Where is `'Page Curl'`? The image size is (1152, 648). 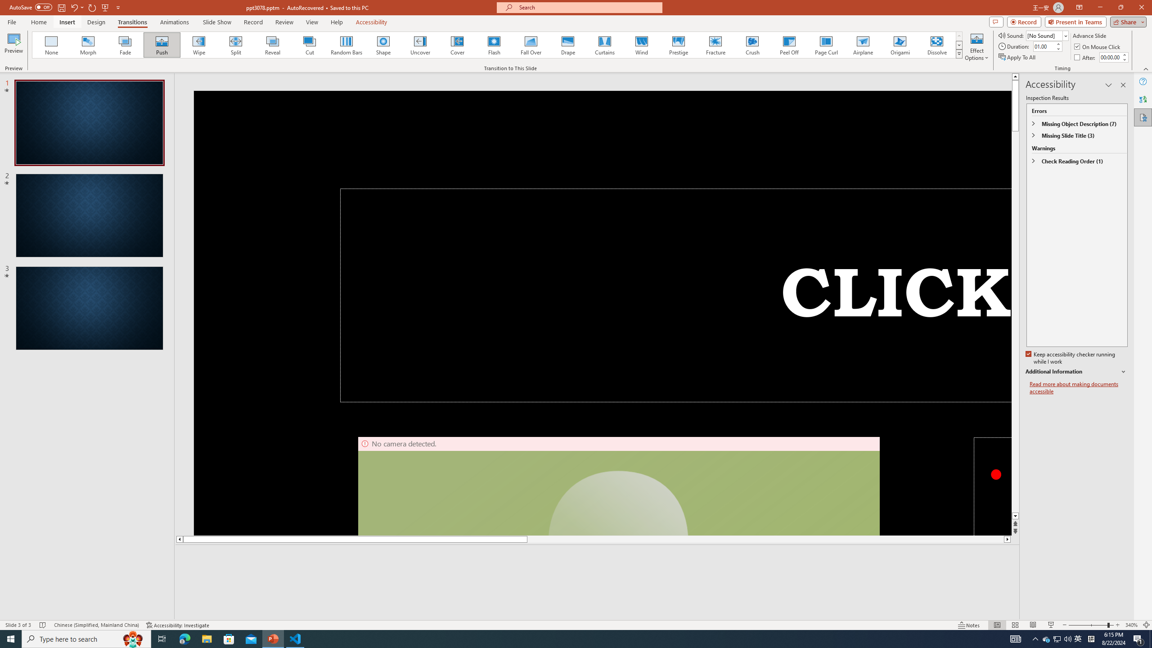
'Page Curl' is located at coordinates (825, 45).